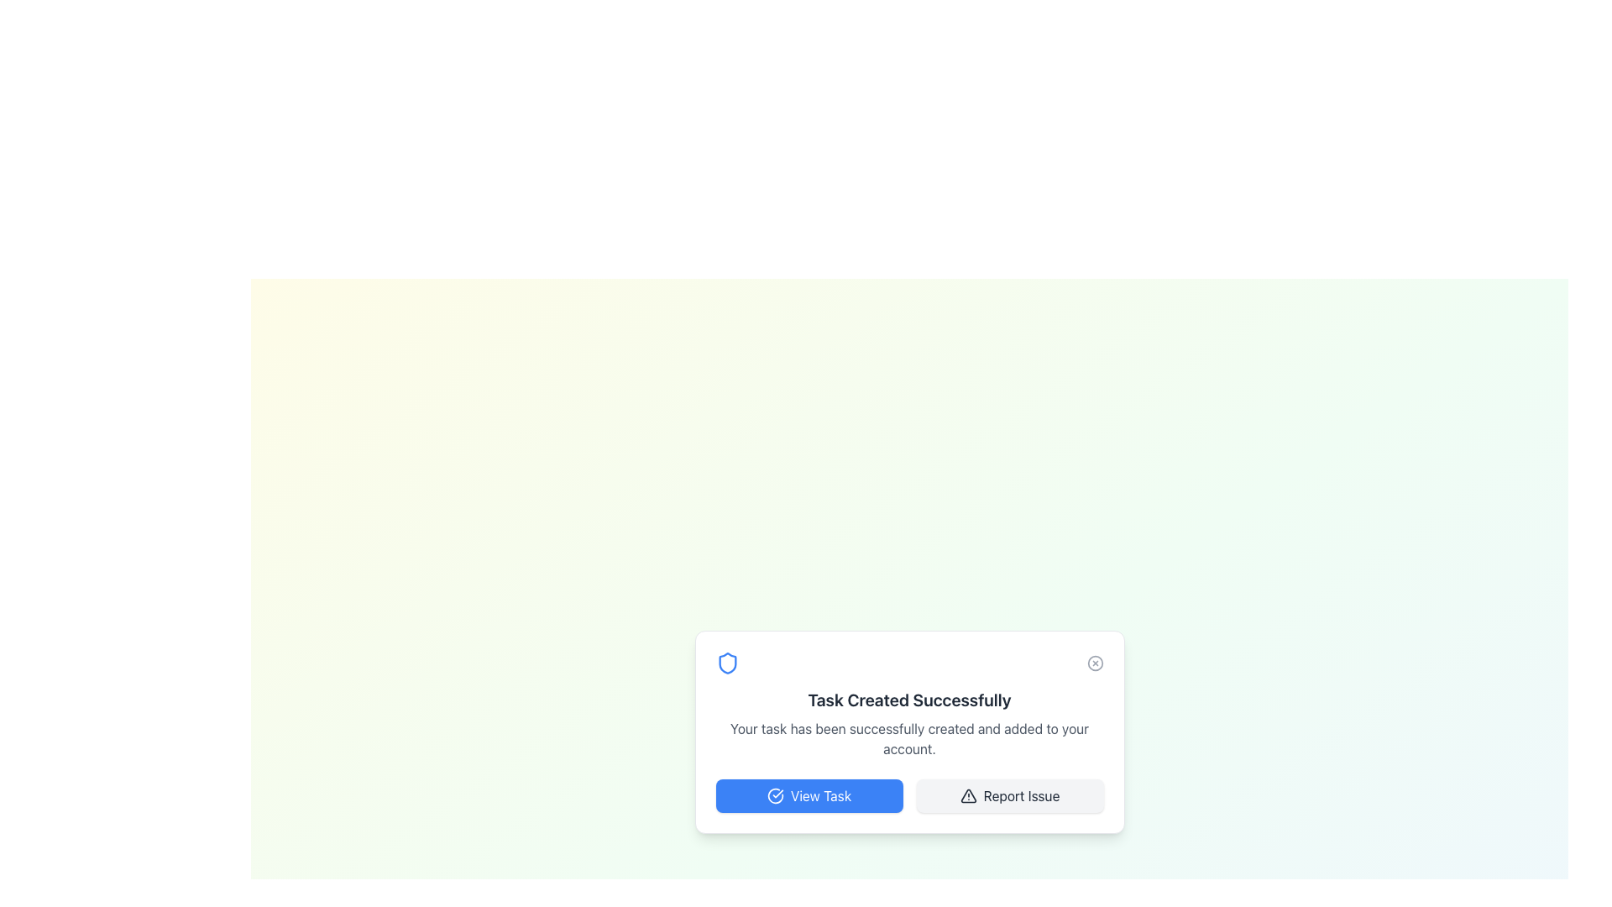  I want to click on the leftmost button in the two-button row at the bottom of the card interface, so click(809, 795).